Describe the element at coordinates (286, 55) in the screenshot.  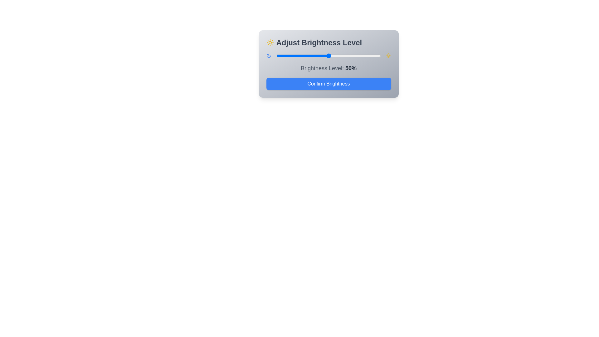
I see `the brightness slider to 10% to explore its visual effect` at that location.